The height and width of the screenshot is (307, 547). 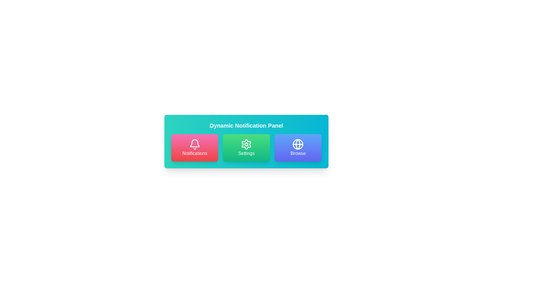 I want to click on the rectangular button with a gradient background that contains a globe icon and the text 'Browse' to observe its hover effects, so click(x=298, y=148).